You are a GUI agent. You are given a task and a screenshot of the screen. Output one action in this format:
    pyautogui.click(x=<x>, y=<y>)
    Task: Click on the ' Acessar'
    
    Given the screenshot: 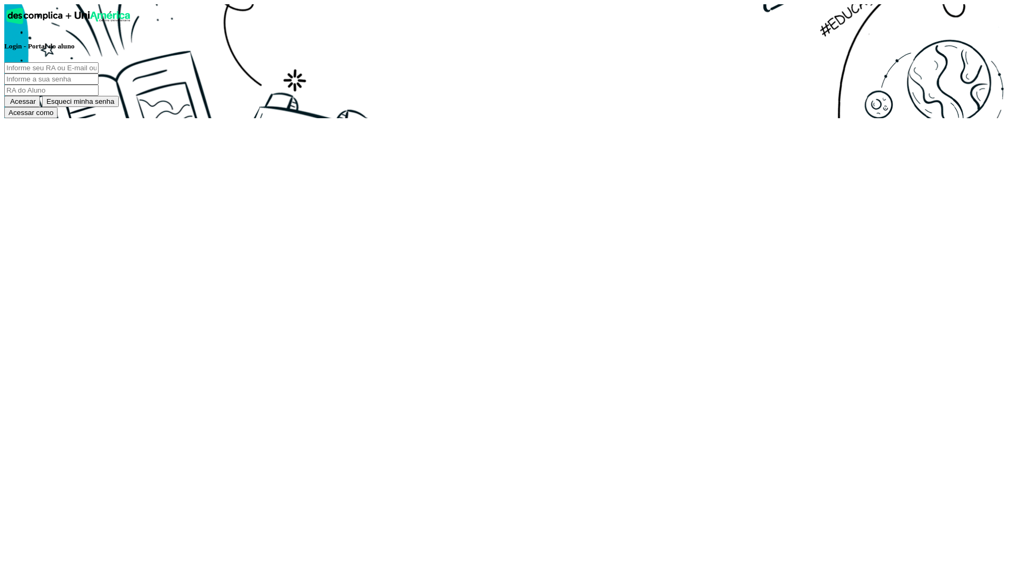 What is the action you would take?
    pyautogui.click(x=4, y=101)
    